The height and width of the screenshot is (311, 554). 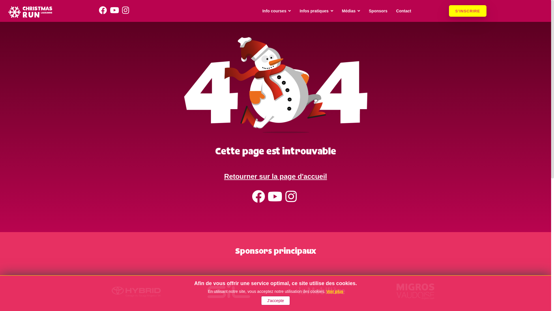 I want to click on 'facebook', so click(x=259, y=200).